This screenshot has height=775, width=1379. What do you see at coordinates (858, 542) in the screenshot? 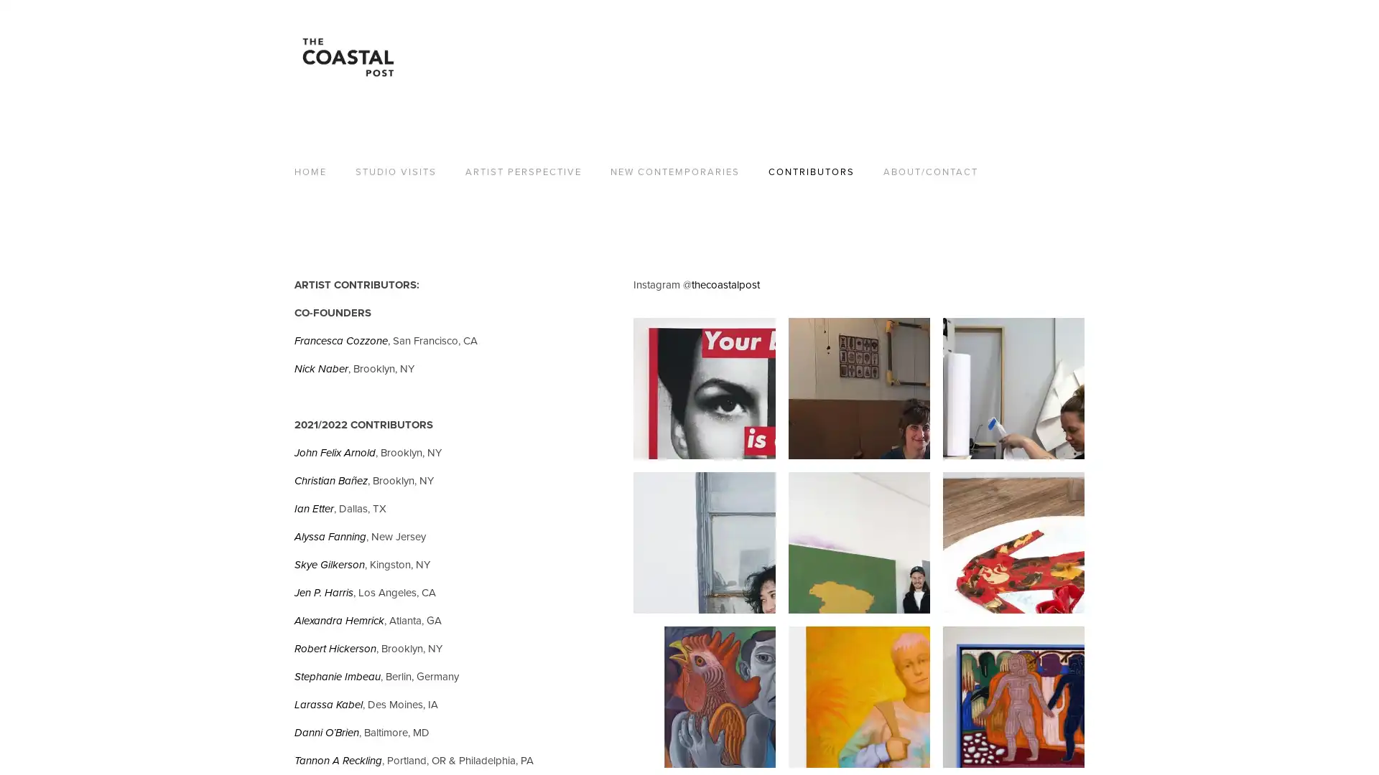
I see `View fullsize Stephanie Imbeau visited Manaf Halbouni in his Berlin studio and talked about his work, and how history and conflict play a direct role in his diverse practice. And how watching the war unfold in Ukraine is bringing back some painful memories. @manaf` at bounding box center [858, 542].